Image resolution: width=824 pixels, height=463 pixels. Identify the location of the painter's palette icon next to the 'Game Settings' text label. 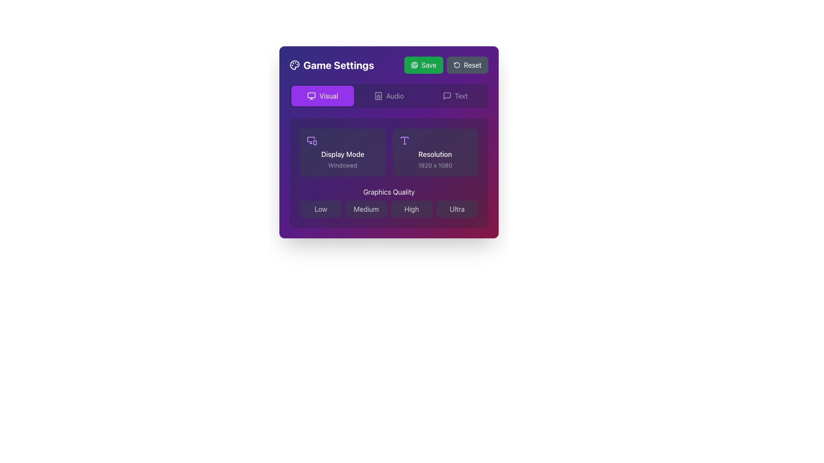
(331, 64).